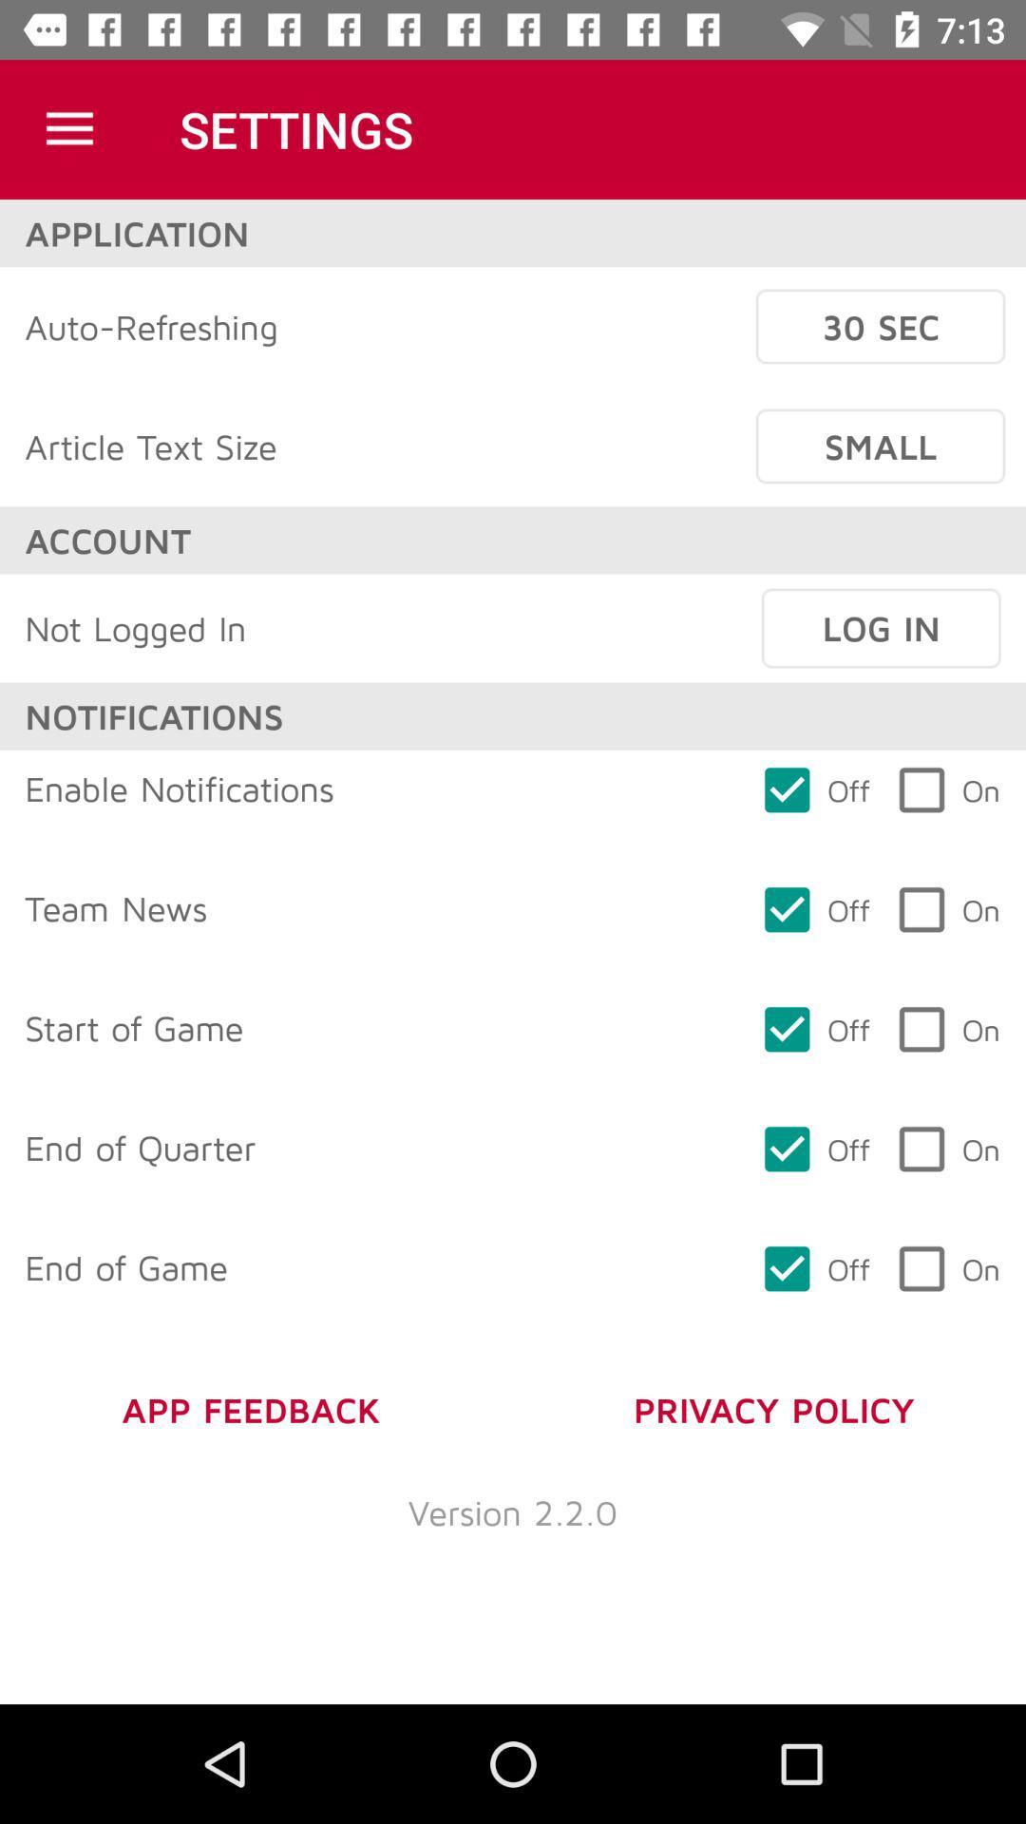 This screenshot has height=1824, width=1026. I want to click on the item next to the not logged in icon, so click(881, 628).